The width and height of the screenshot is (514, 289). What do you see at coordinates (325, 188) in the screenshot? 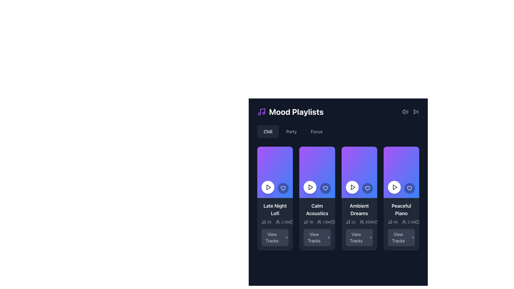
I see `the favorite button located within the third card of the grid layout` at bounding box center [325, 188].